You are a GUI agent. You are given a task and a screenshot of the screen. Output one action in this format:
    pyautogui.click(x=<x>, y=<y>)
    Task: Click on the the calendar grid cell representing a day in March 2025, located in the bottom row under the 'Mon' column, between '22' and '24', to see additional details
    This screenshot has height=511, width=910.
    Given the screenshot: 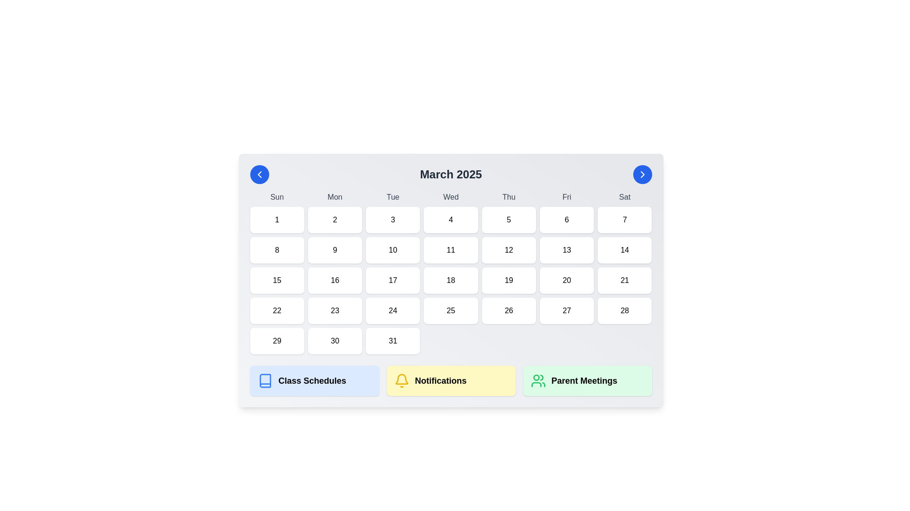 What is the action you would take?
    pyautogui.click(x=335, y=310)
    